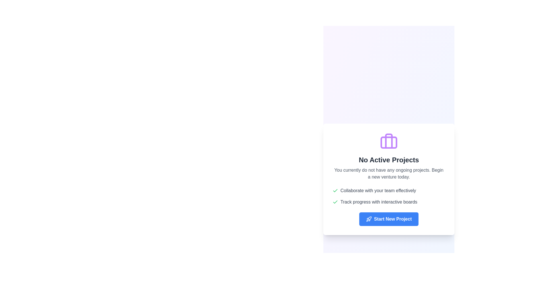 The height and width of the screenshot is (307, 547). Describe the element at coordinates (378, 191) in the screenshot. I see `the Text Label that informs users about effective collaboration with their team, located under the 'No Active Projects' heading and to the right of a green check icon` at that location.